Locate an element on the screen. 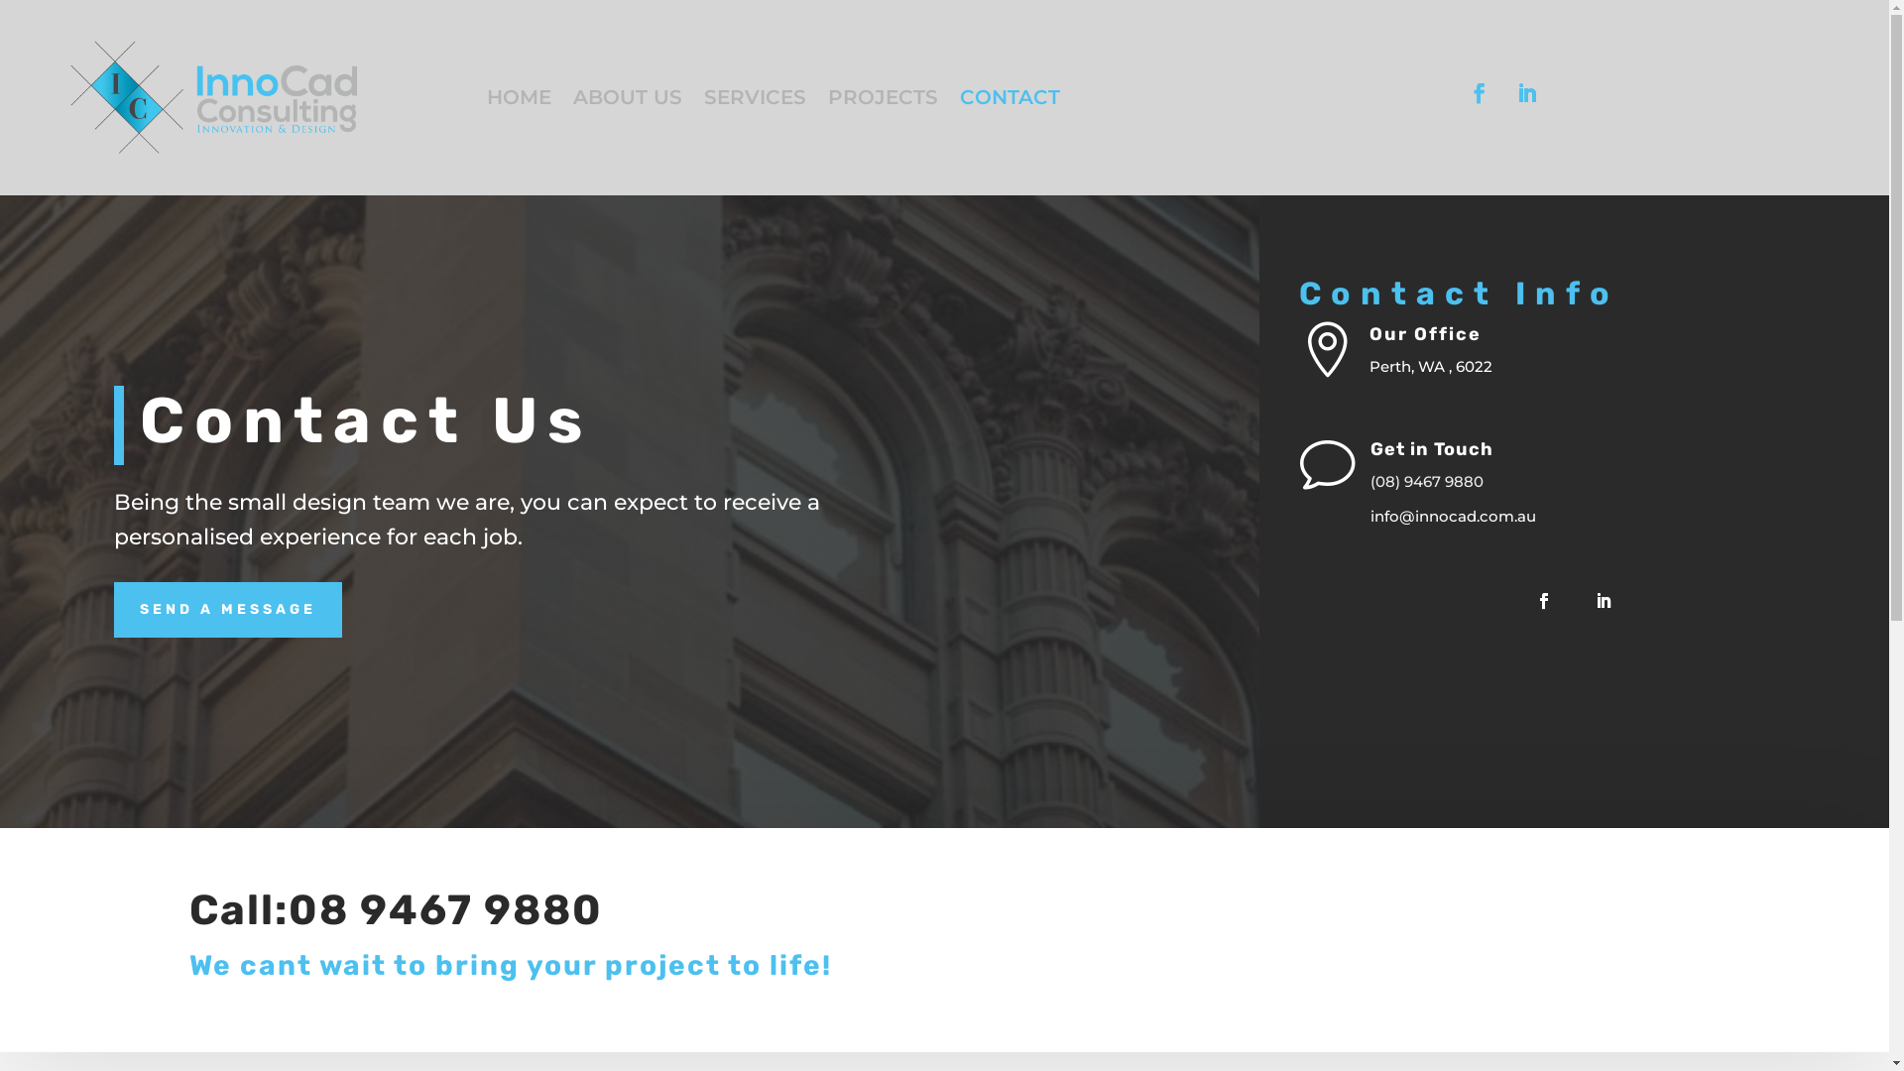 The height and width of the screenshot is (1071, 1904). 'ABOUT US' is located at coordinates (627, 100).